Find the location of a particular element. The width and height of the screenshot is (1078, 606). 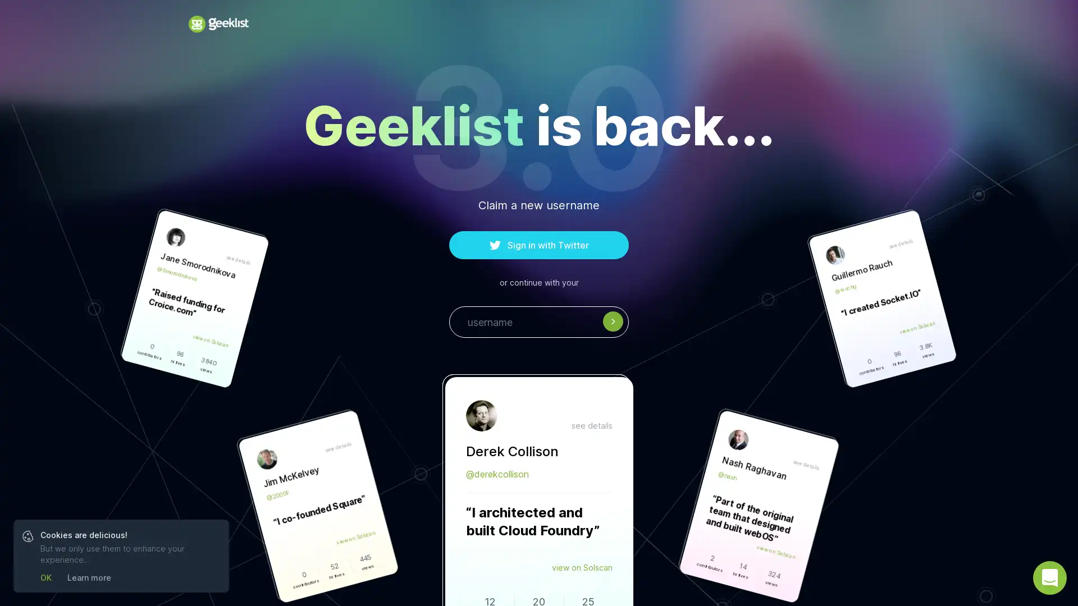

OK is located at coordinates (45, 577).